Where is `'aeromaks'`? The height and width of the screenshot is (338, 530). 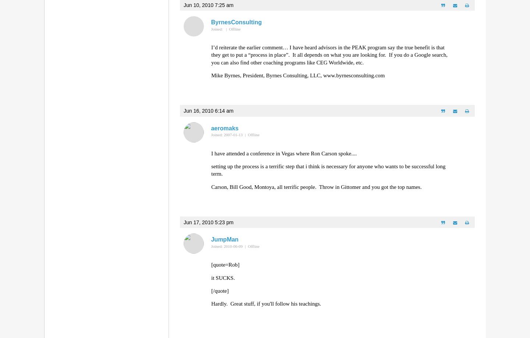
'aeromaks' is located at coordinates (224, 128).